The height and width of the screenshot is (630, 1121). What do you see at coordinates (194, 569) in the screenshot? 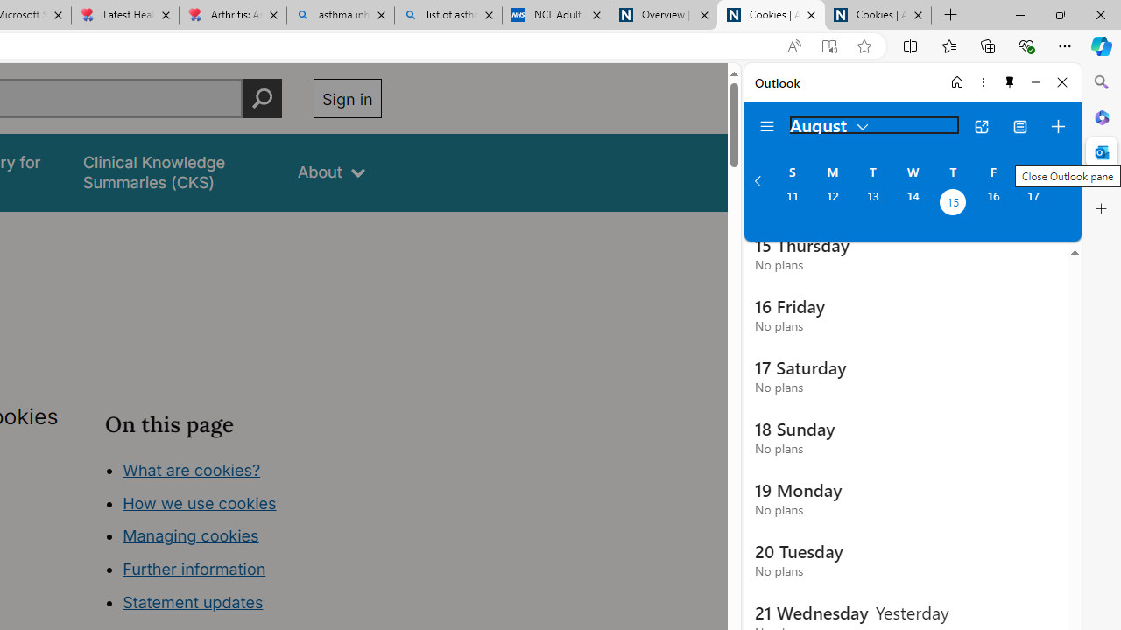
I see `'Further information'` at bounding box center [194, 569].